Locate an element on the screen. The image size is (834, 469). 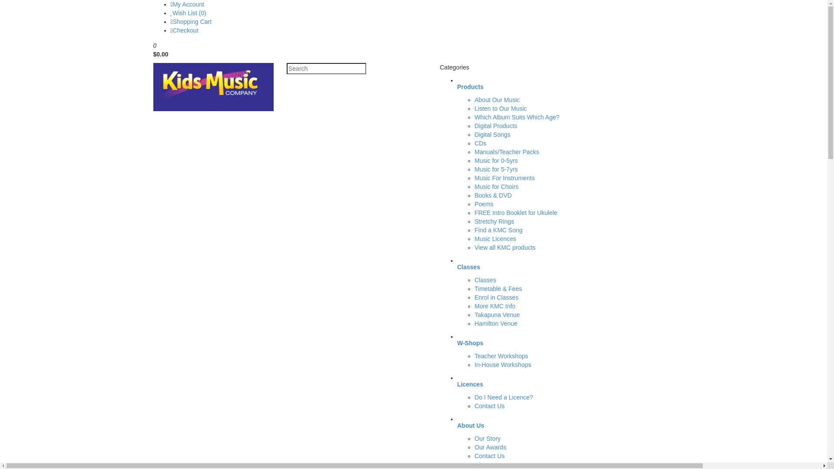
'Which Album Suits Which Age?' is located at coordinates (516, 117).